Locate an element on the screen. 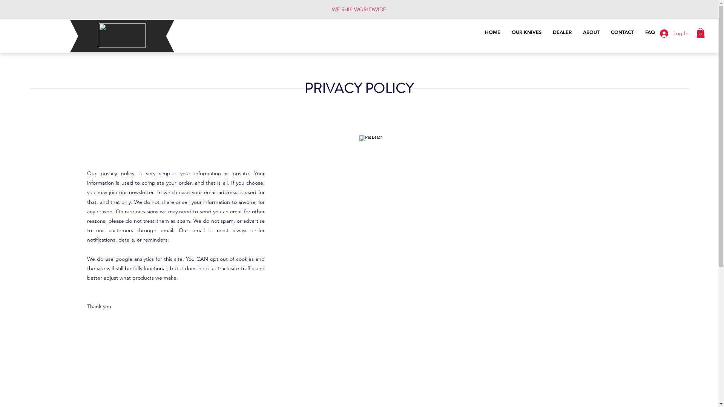 Image resolution: width=724 pixels, height=407 pixels. 'OUR KNIVES' is located at coordinates (526, 33).